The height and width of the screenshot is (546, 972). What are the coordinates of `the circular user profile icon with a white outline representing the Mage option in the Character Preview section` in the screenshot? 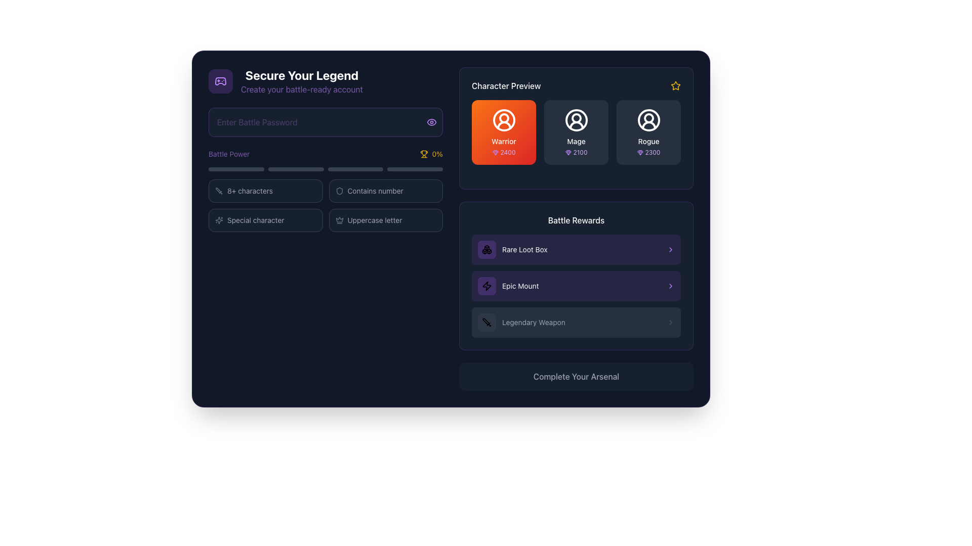 It's located at (576, 120).